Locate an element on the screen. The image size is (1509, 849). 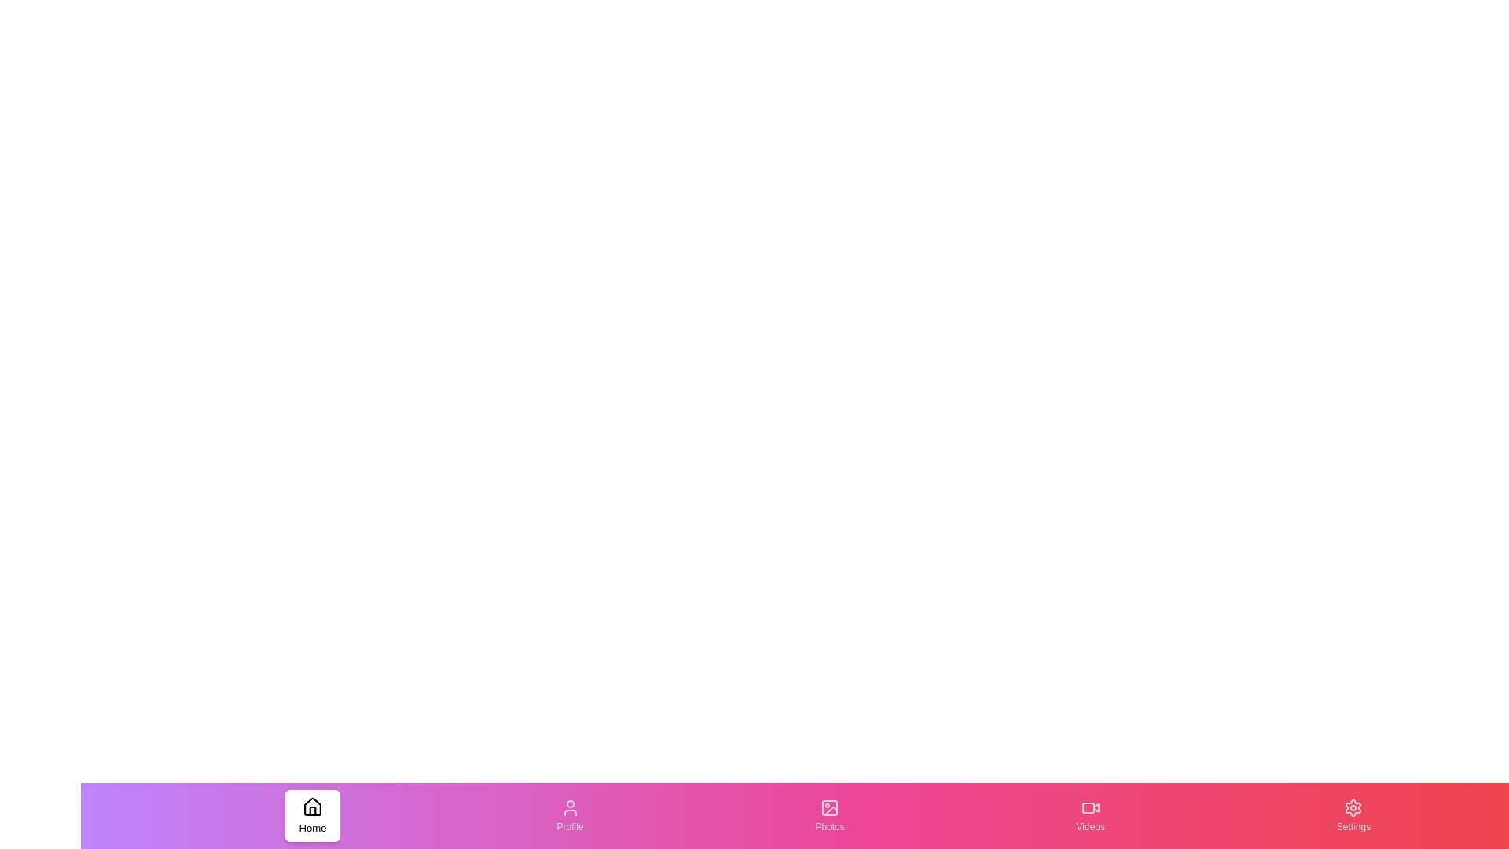
the tab labeled Profile is located at coordinates (569, 814).